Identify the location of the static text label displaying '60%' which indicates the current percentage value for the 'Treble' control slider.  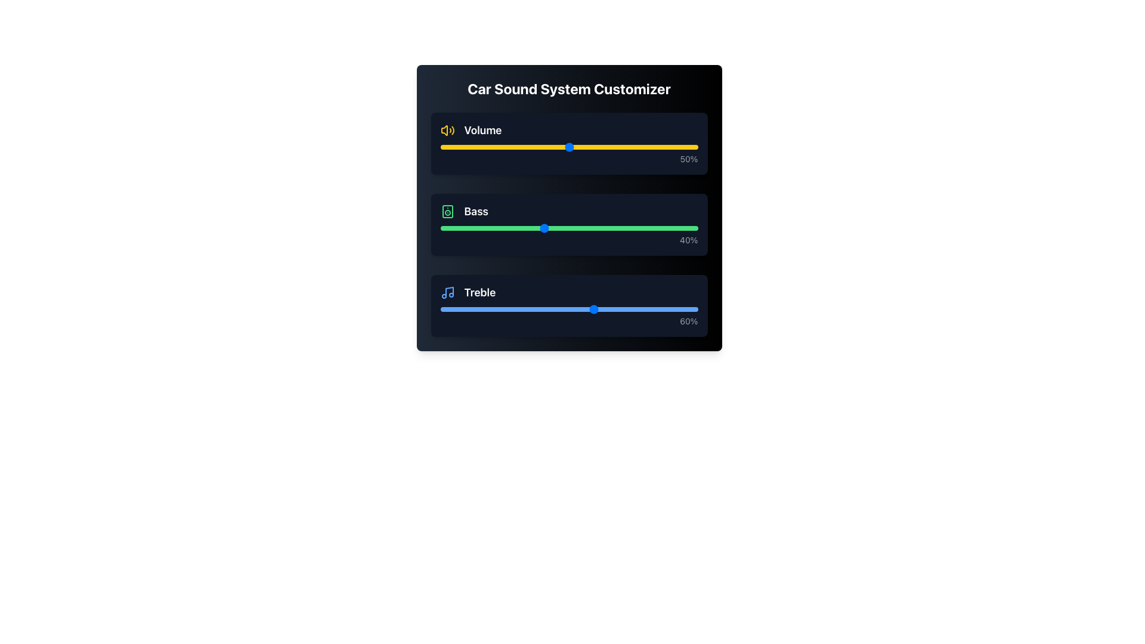
(568, 321).